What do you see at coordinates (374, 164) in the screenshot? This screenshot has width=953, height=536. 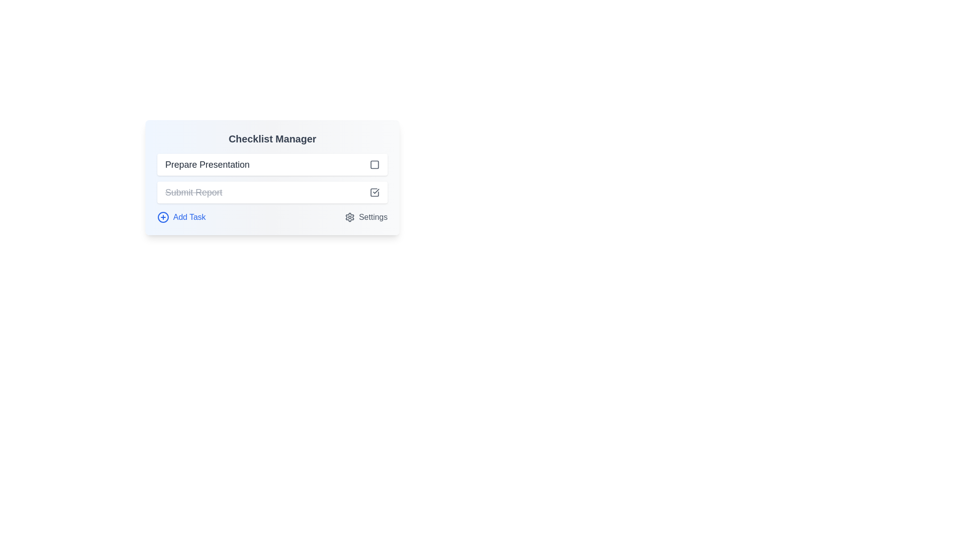 I see `the Decorative component within the icon located to the right of the 'Prepare Presentation' text entry field in the checklist interface` at bounding box center [374, 164].